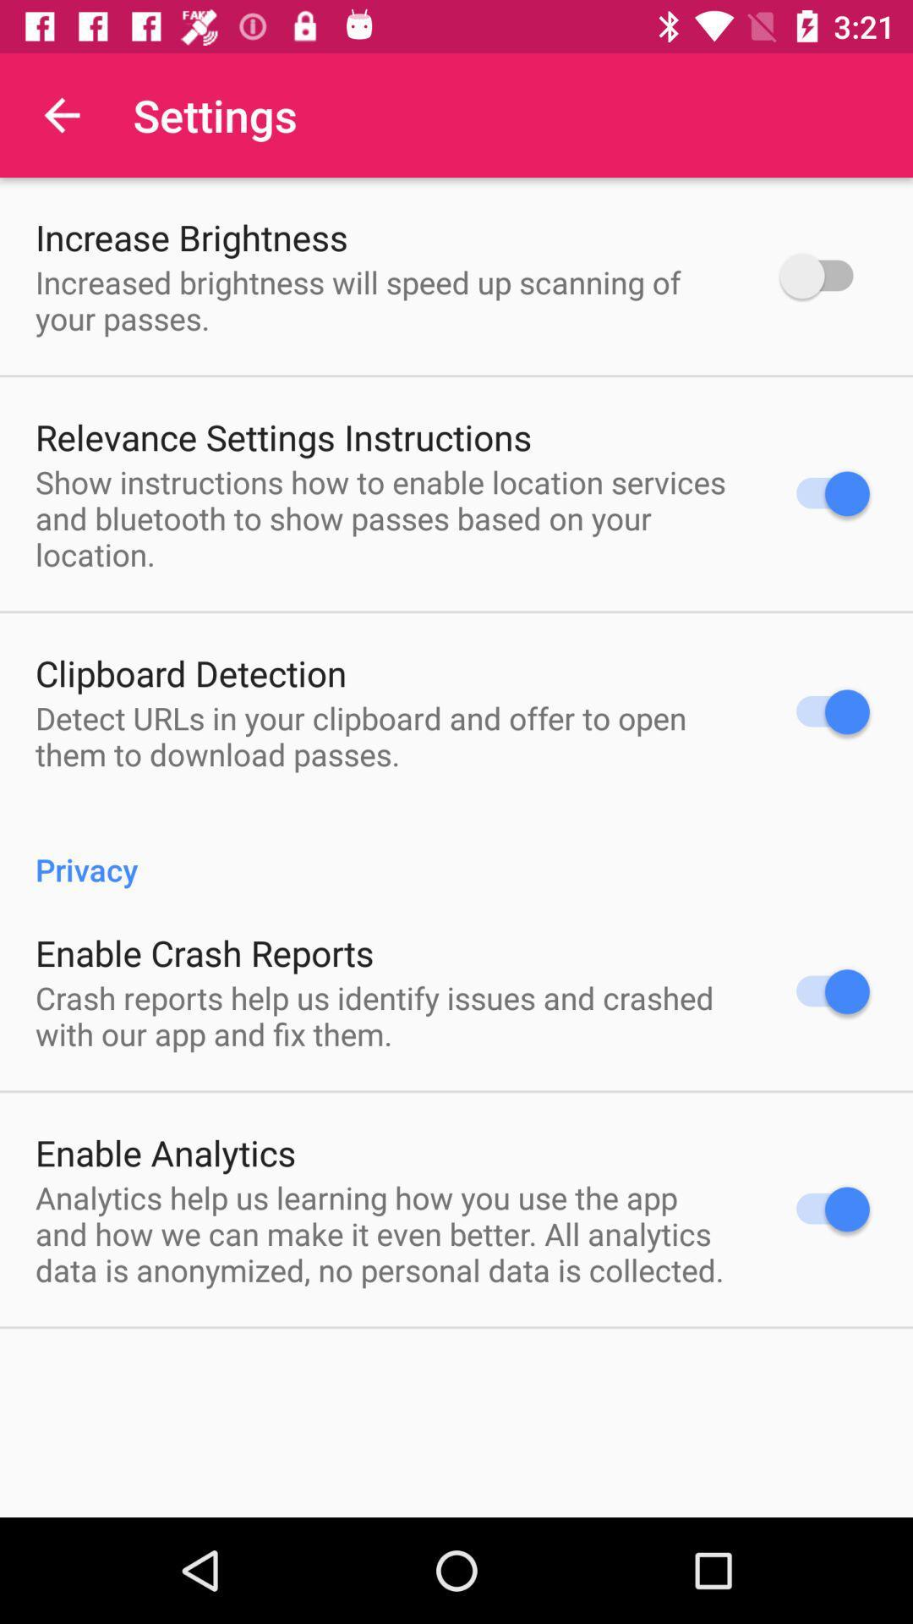  What do you see at coordinates (385, 517) in the screenshot?
I see `item above clipboard detection icon` at bounding box center [385, 517].